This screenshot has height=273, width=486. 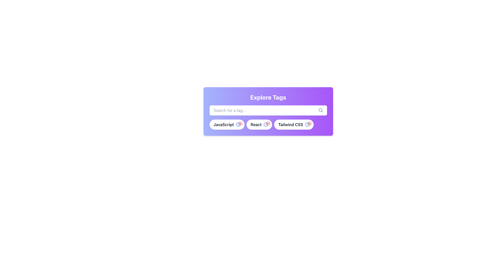 What do you see at coordinates (256, 125) in the screenshot?
I see `the Text Label that identifies the button's purpose within the React library, located between the 'JavaScript' and 'Tailwind CSS' buttons` at bounding box center [256, 125].